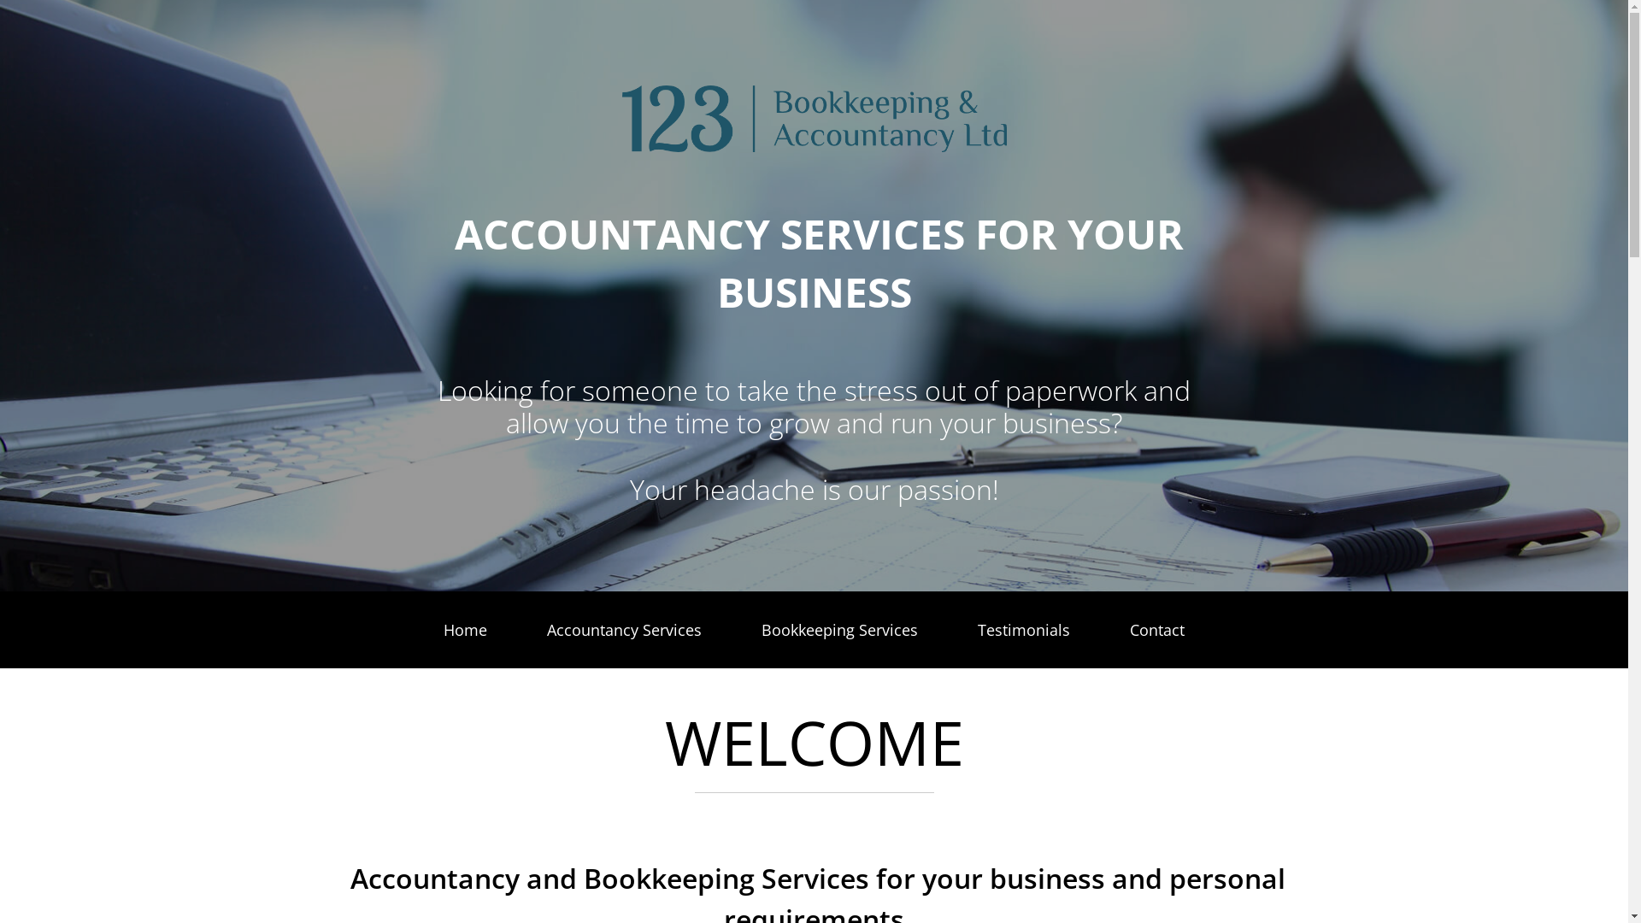  I want to click on 'Testimonials', so click(973, 629).